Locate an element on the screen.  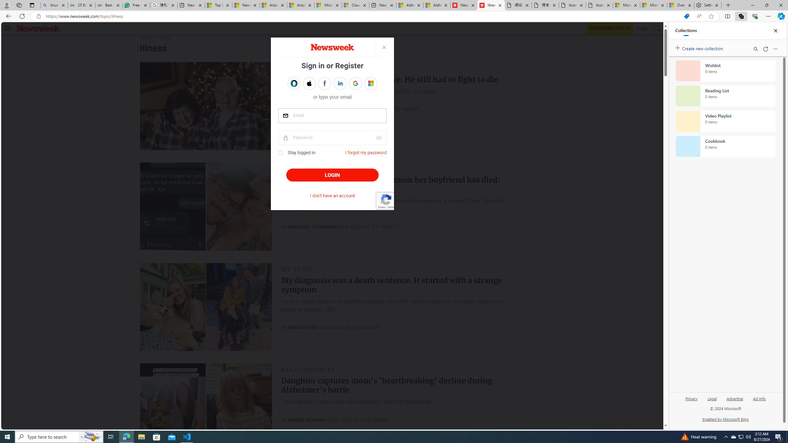
'Video Playlist collection, 0 items' is located at coordinates (725, 121).